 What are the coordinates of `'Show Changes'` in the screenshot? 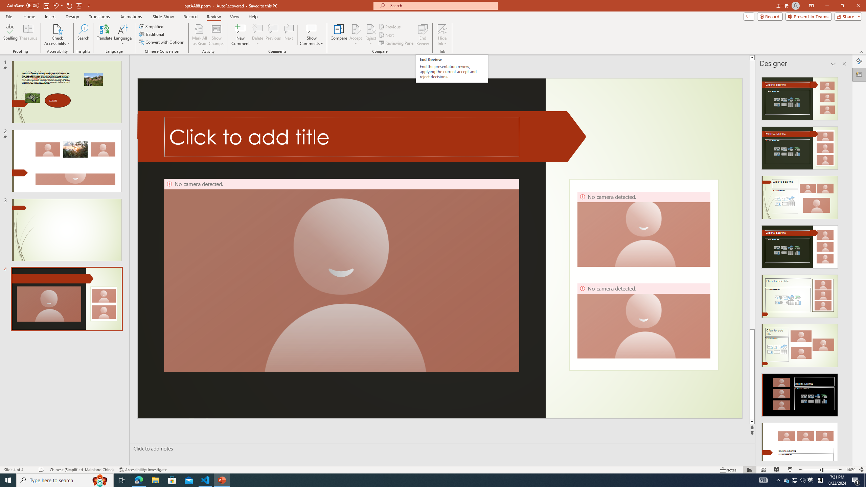 It's located at (216, 35).